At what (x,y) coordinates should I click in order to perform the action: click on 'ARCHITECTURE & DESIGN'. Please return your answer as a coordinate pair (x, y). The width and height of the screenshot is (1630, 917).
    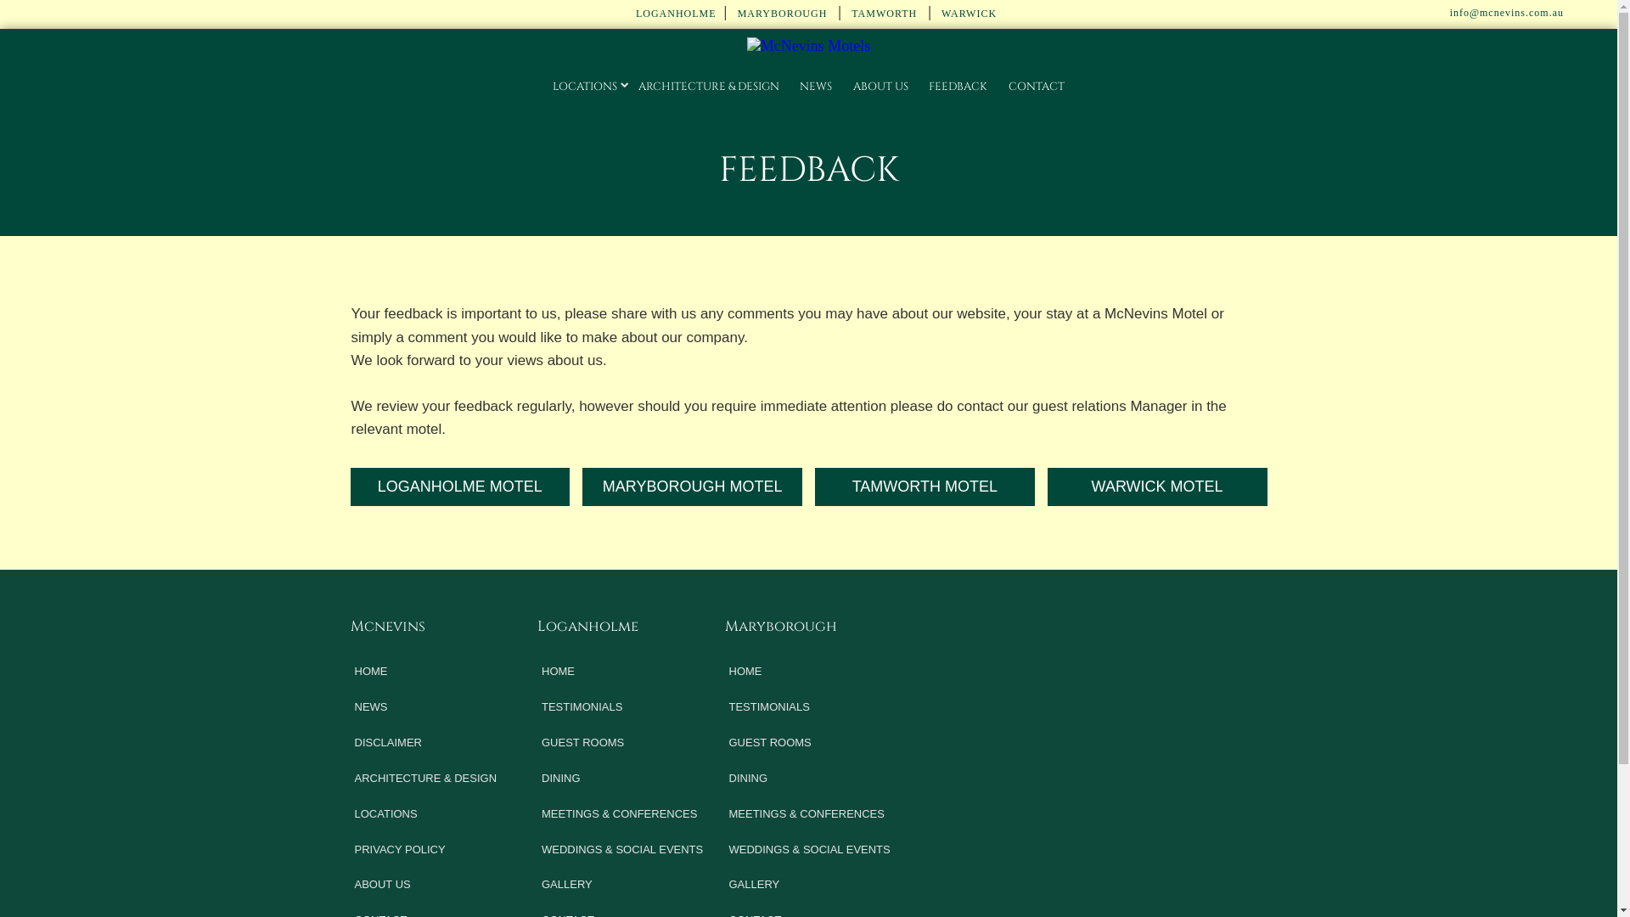
    Looking at the image, I should click on (427, 779).